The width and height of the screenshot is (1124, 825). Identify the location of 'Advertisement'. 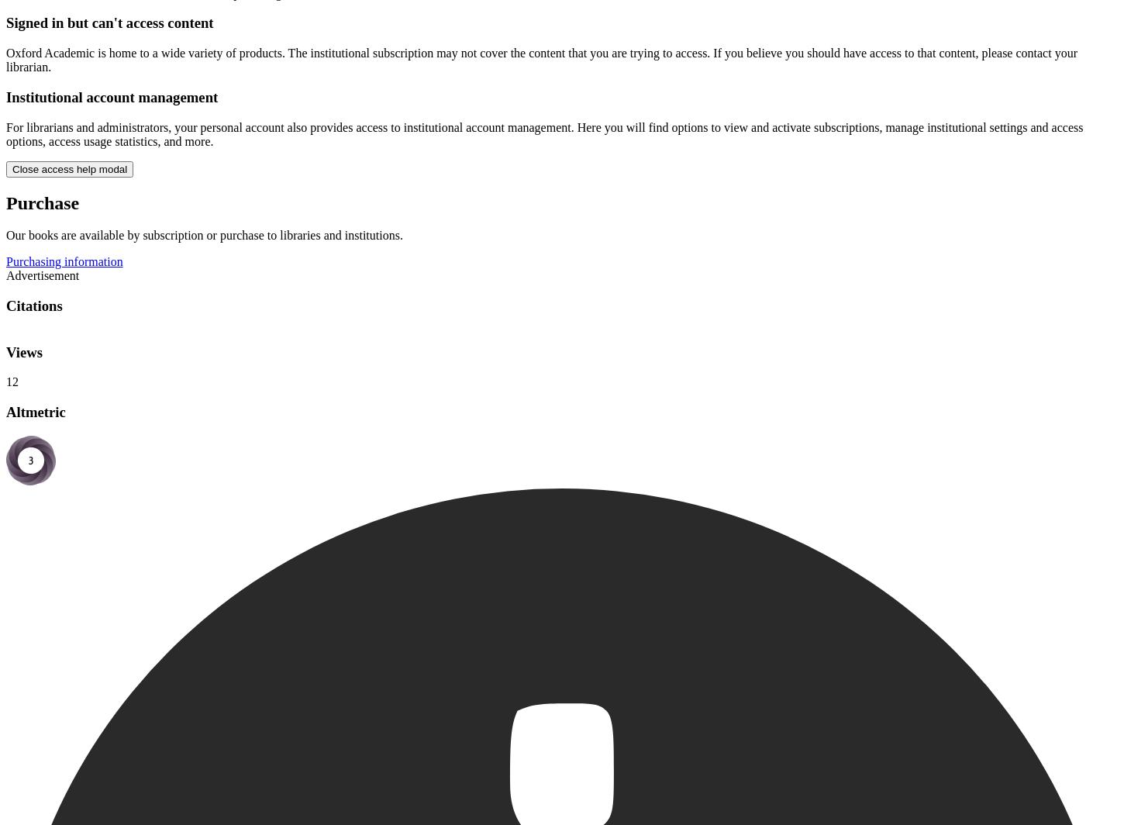
(42, 275).